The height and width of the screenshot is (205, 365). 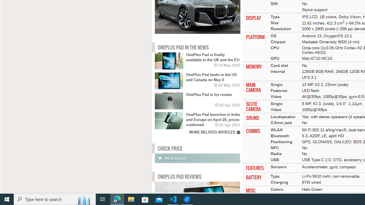 I want to click on '3.5mm jack', so click(x=281, y=122).